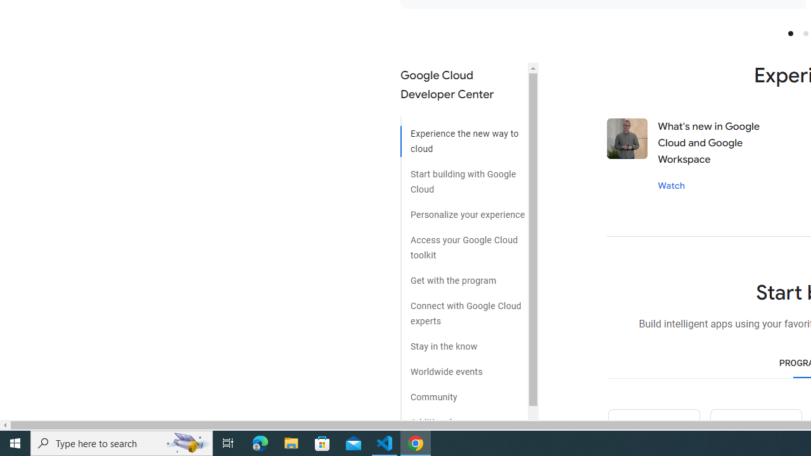  Describe the element at coordinates (463, 137) in the screenshot. I see `'Experience the new way to cloud'` at that location.